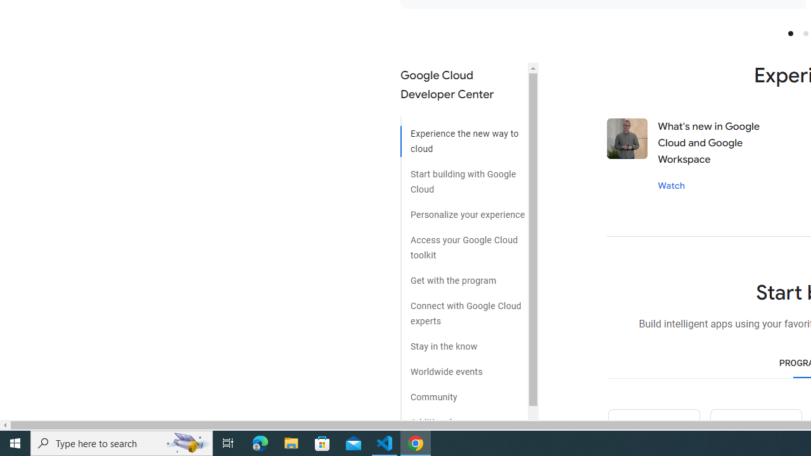  Describe the element at coordinates (463, 137) in the screenshot. I see `'Experience the new way to cloud'` at that location.